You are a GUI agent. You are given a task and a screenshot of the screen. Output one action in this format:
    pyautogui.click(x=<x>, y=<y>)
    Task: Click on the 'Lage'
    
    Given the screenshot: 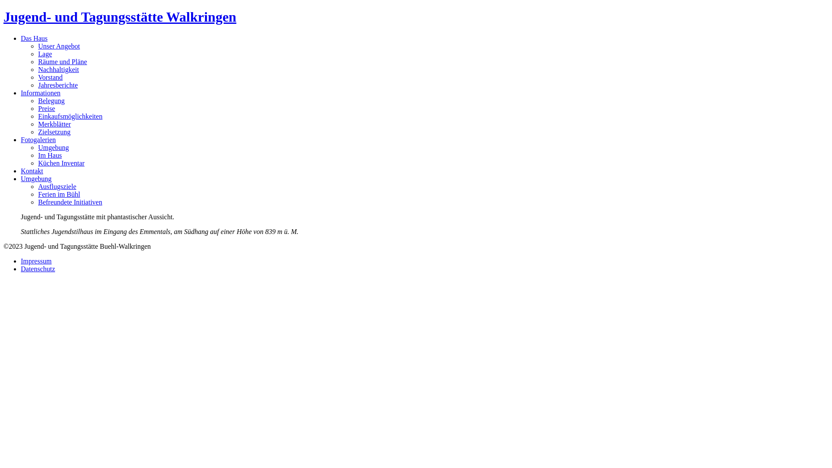 What is the action you would take?
    pyautogui.click(x=45, y=54)
    